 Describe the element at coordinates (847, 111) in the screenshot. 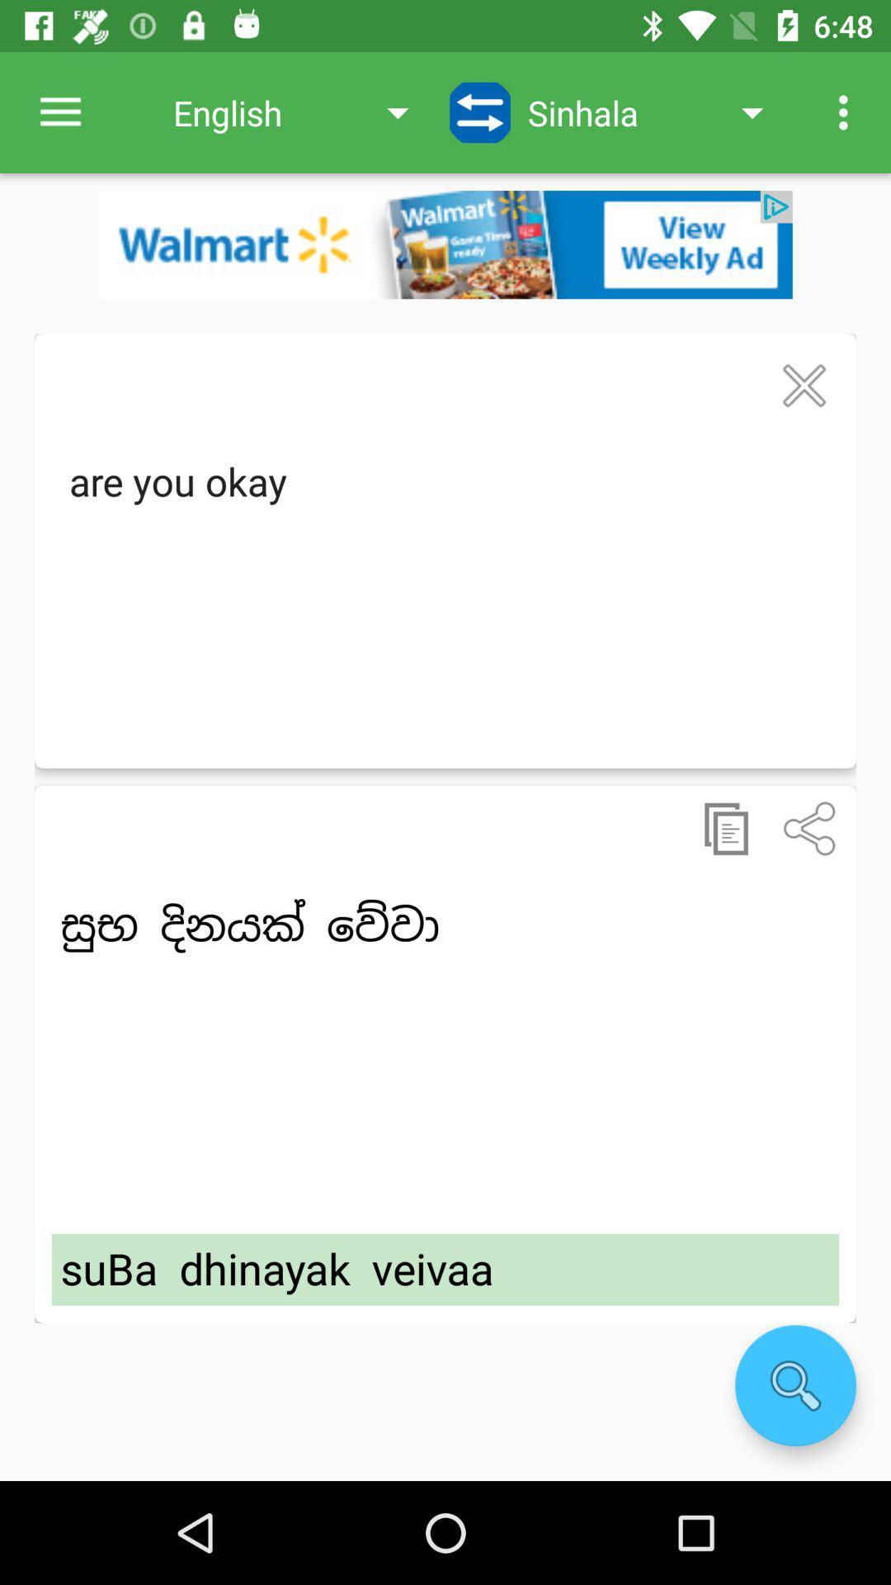

I see `the icon to the right of sinhala` at that location.